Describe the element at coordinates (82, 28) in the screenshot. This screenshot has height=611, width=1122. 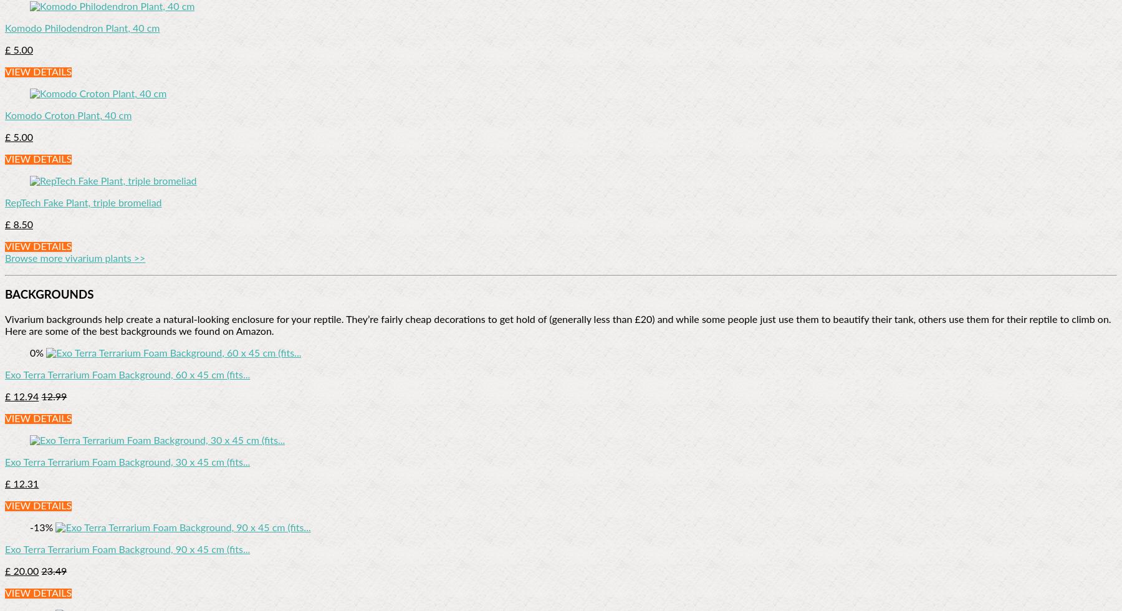
I see `'Komodo Philodendron Plant, 40 cm'` at that location.